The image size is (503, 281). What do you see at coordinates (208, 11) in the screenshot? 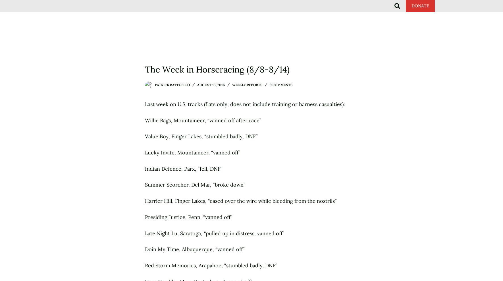
I see `'This Is Horseracing'` at bounding box center [208, 11].